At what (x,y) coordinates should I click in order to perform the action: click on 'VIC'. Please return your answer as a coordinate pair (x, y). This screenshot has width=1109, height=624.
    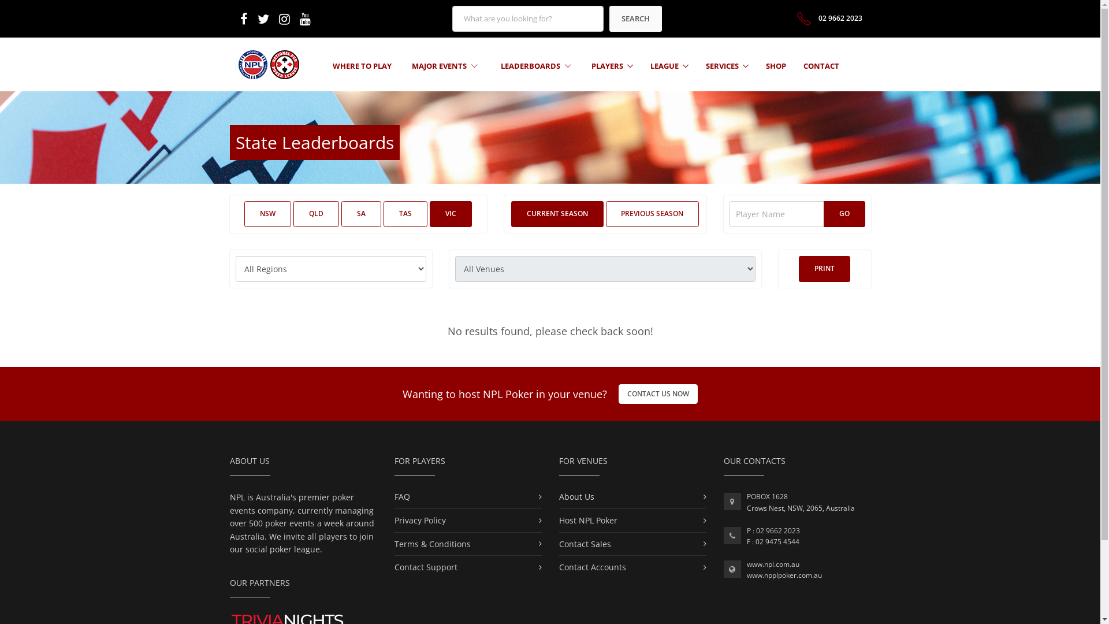
    Looking at the image, I should click on (450, 214).